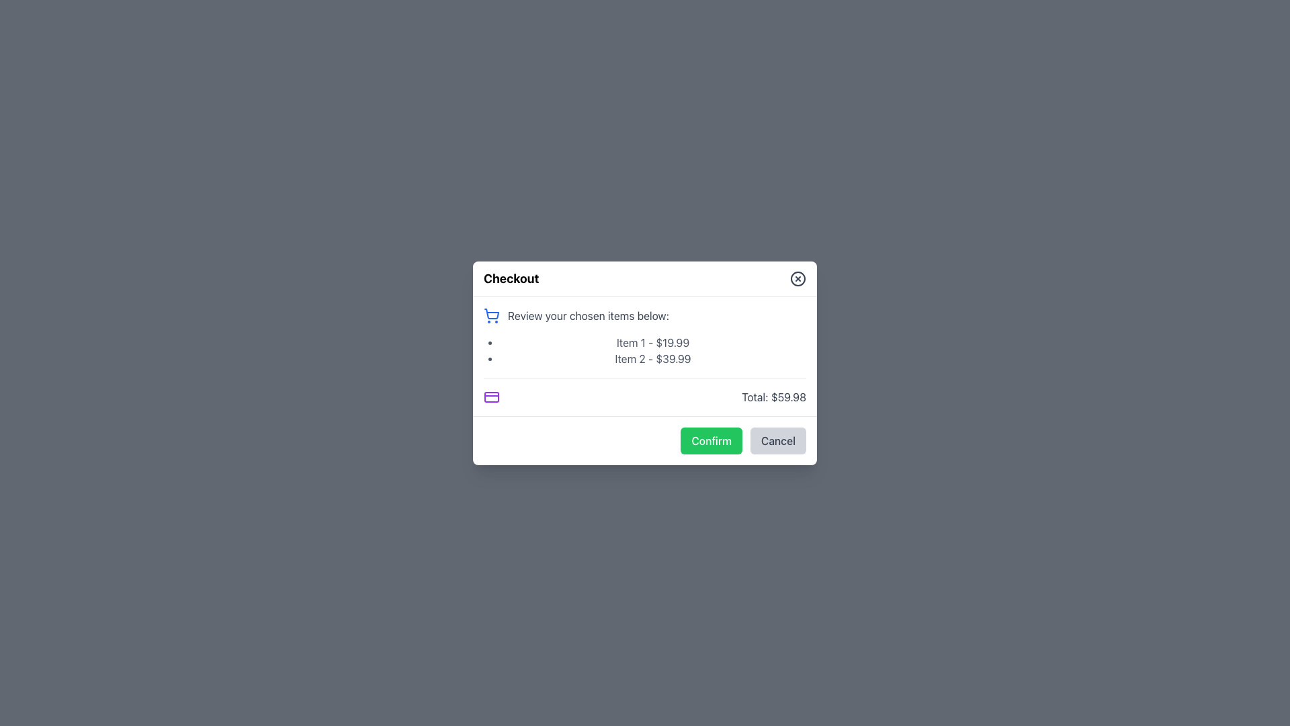  Describe the element at coordinates (645, 355) in the screenshot. I see `item details displayed in the shopping cart informational section located centrally within the checkout modal` at that location.